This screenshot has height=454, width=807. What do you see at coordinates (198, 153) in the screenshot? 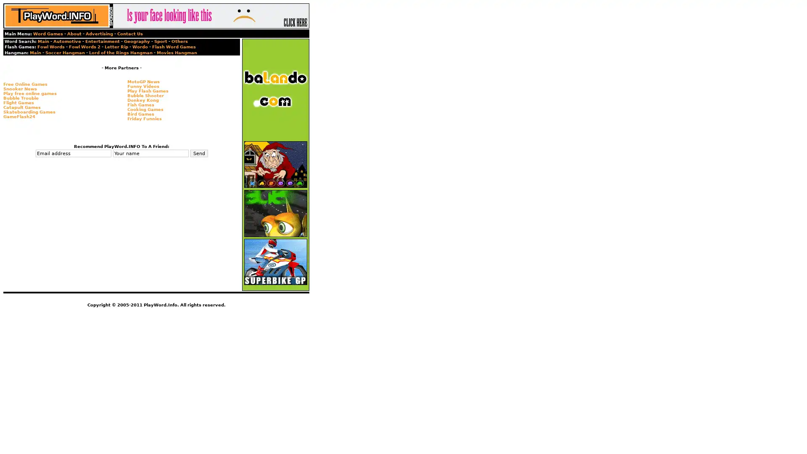
I see `Send` at bounding box center [198, 153].